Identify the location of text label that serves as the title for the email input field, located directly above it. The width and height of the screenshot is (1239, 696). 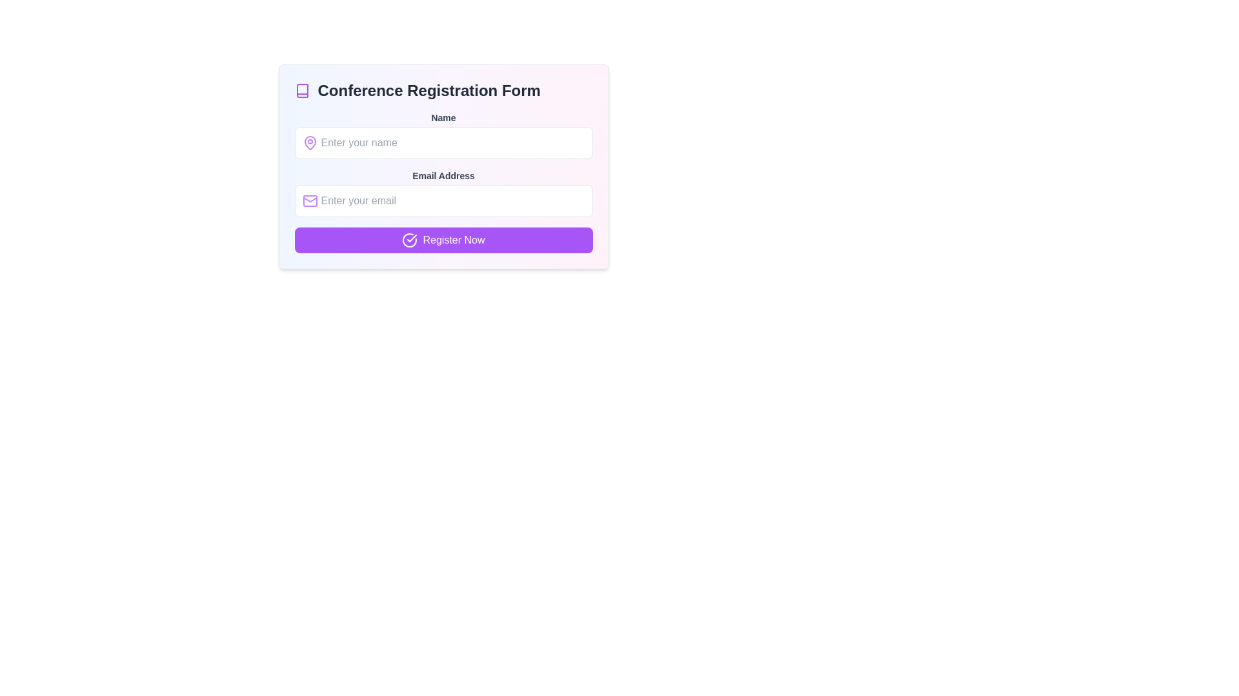
(443, 176).